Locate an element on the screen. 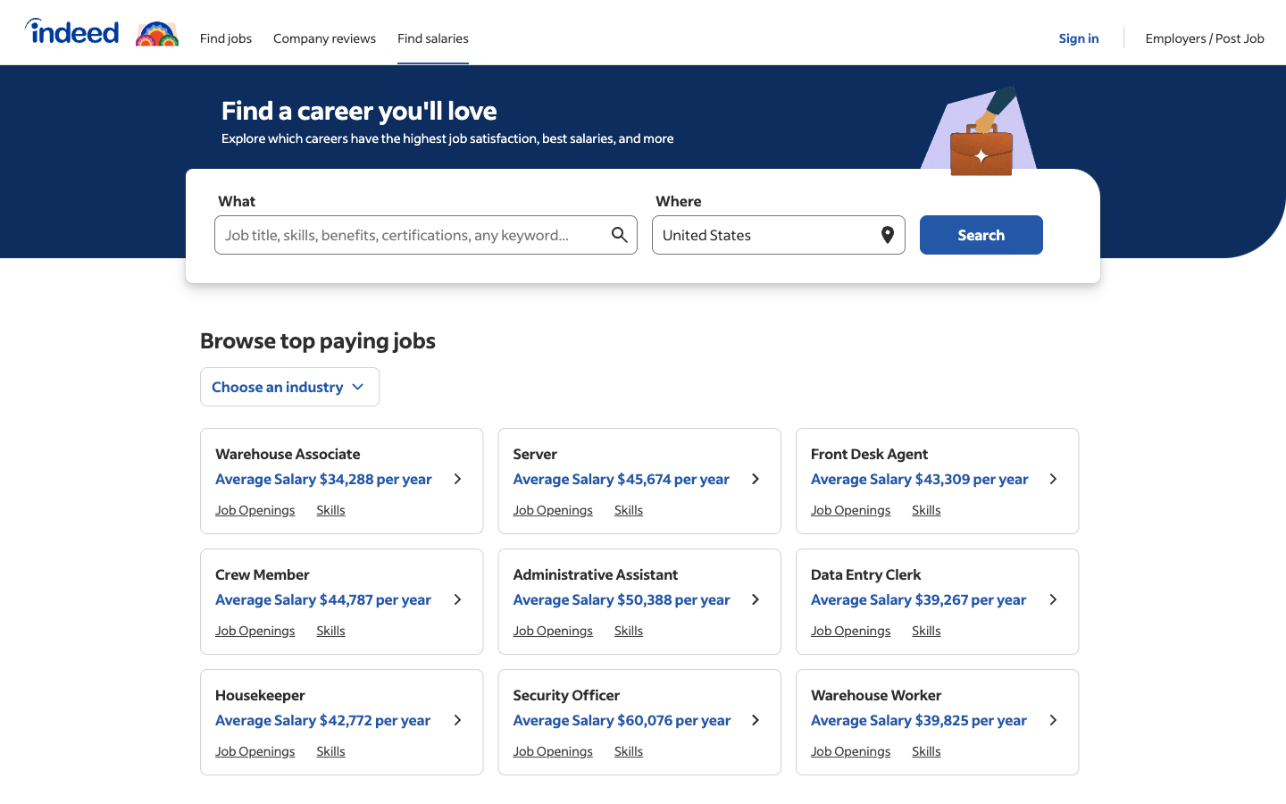 The image size is (1286, 804). Verify the necessary qualifications for the "Administrative Assistant" role is located at coordinates (926, 750).